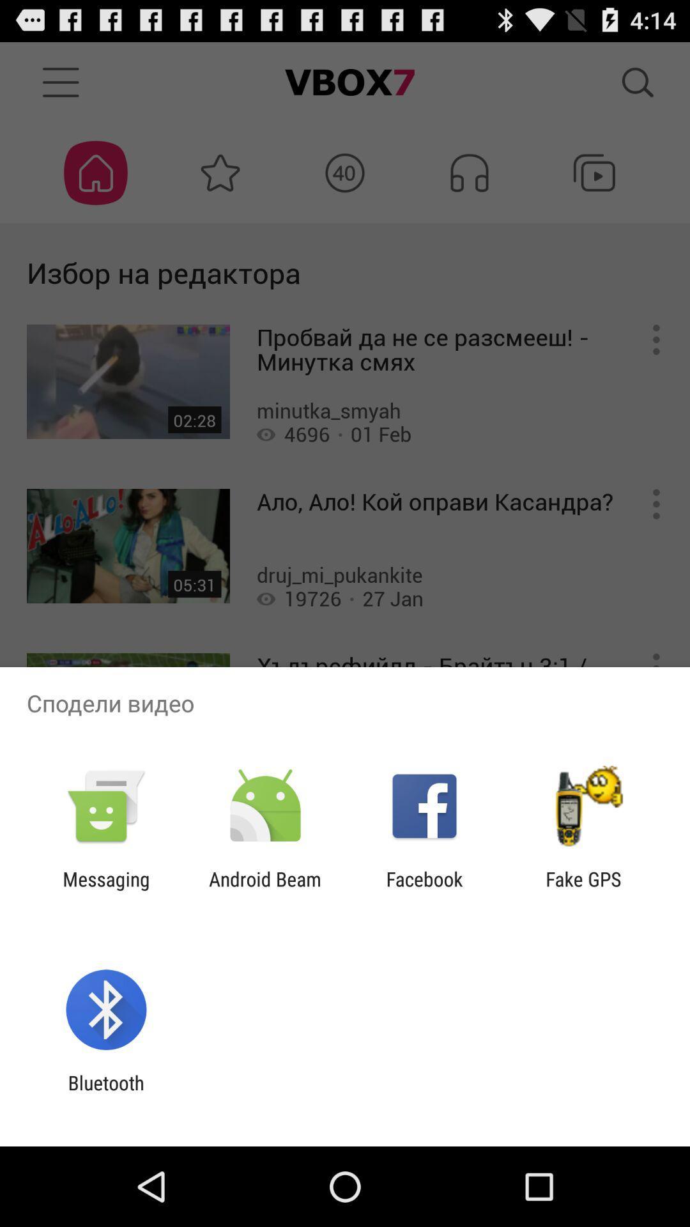 The height and width of the screenshot is (1227, 690). What do you see at coordinates (424, 890) in the screenshot?
I see `icon next to the android beam icon` at bounding box center [424, 890].